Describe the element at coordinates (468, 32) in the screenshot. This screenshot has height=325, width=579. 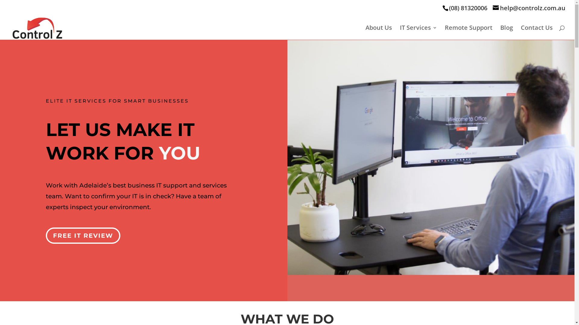
I see `'Remote Support'` at that location.